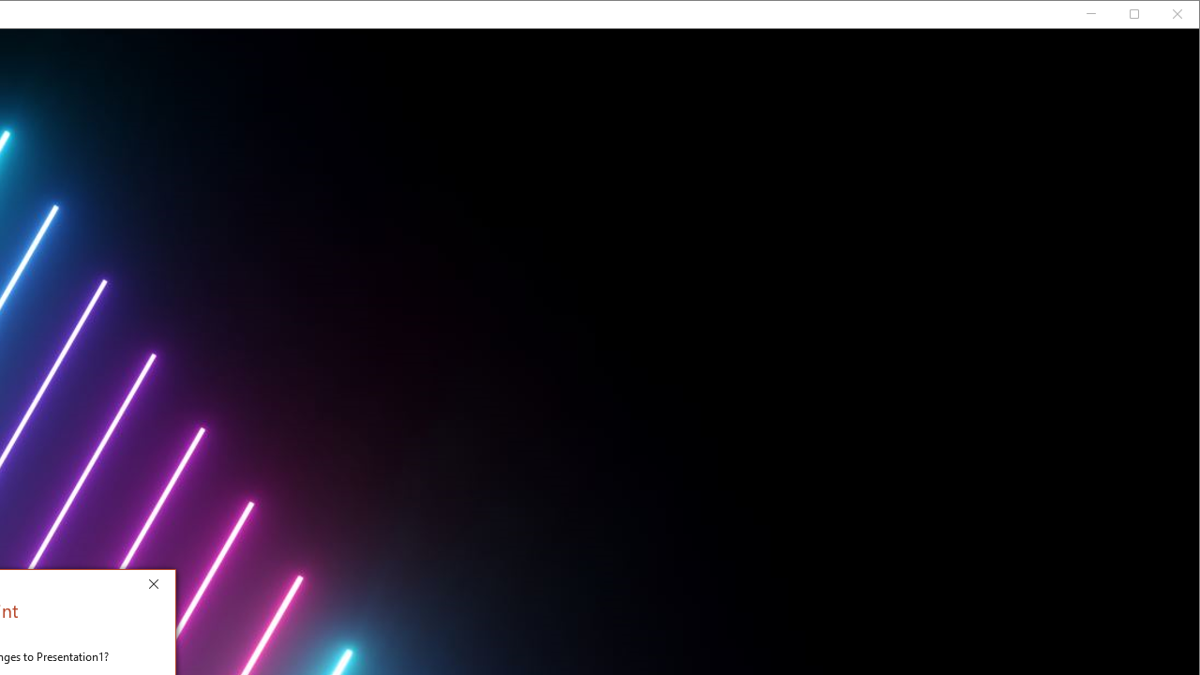  What do you see at coordinates (1161, 18) in the screenshot?
I see `'Maximize'` at bounding box center [1161, 18].